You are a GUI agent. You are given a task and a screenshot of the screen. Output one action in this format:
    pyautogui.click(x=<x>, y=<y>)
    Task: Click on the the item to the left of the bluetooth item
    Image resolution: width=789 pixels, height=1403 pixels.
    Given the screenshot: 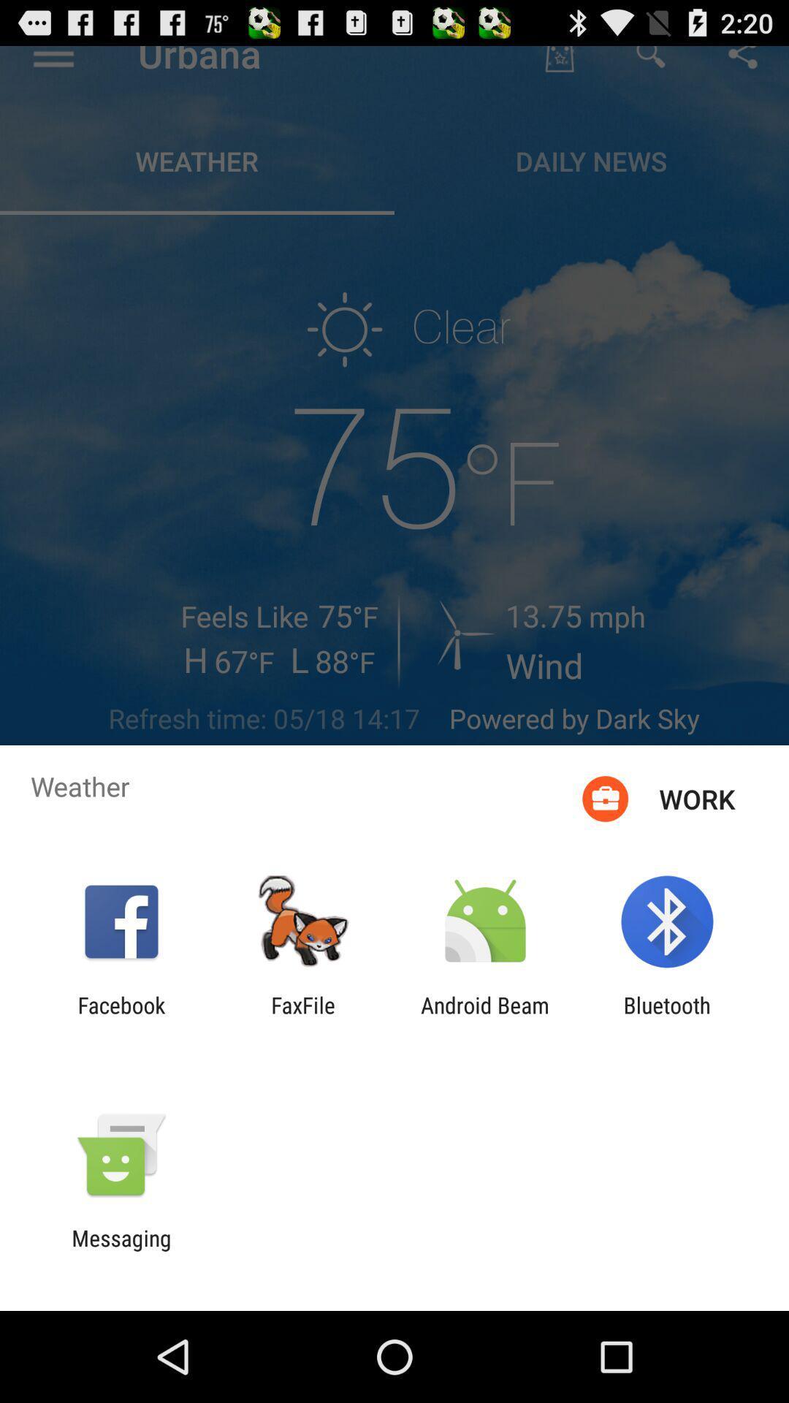 What is the action you would take?
    pyautogui.click(x=485, y=1017)
    